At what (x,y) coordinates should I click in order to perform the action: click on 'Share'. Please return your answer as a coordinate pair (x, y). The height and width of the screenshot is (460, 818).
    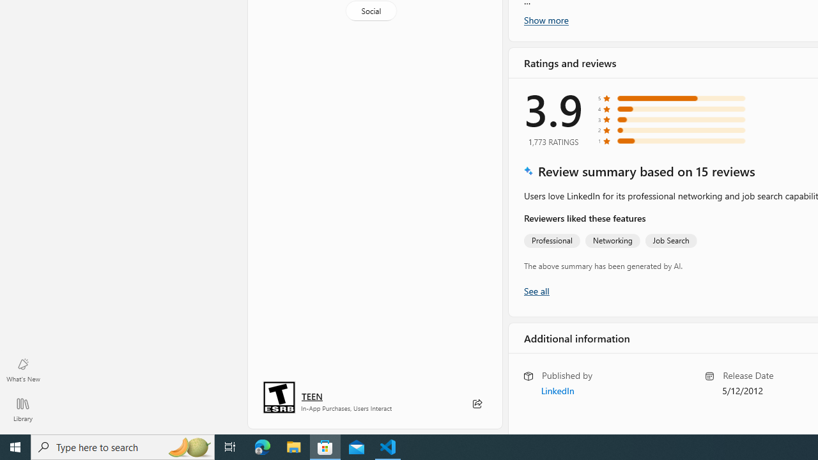
    Looking at the image, I should click on (476, 404).